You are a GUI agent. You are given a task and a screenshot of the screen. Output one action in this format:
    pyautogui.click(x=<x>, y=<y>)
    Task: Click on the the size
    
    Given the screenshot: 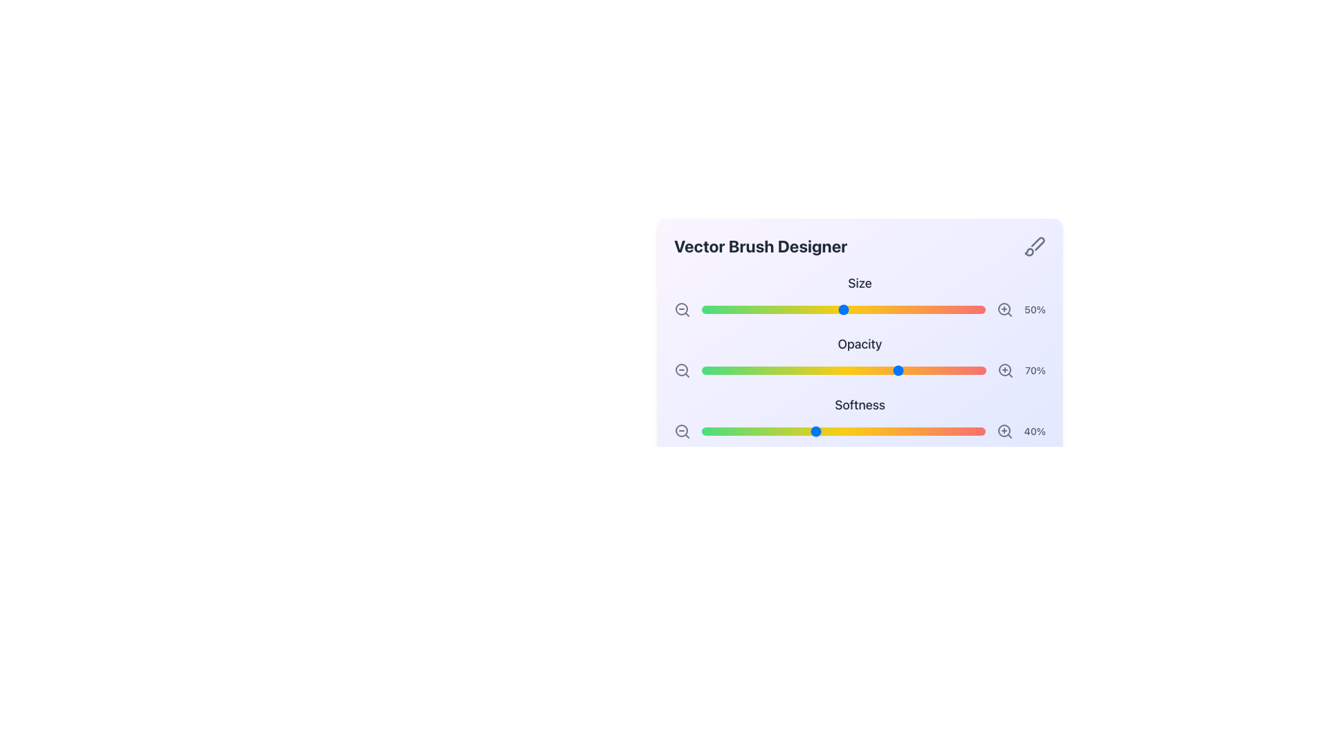 What is the action you would take?
    pyautogui.click(x=732, y=308)
    